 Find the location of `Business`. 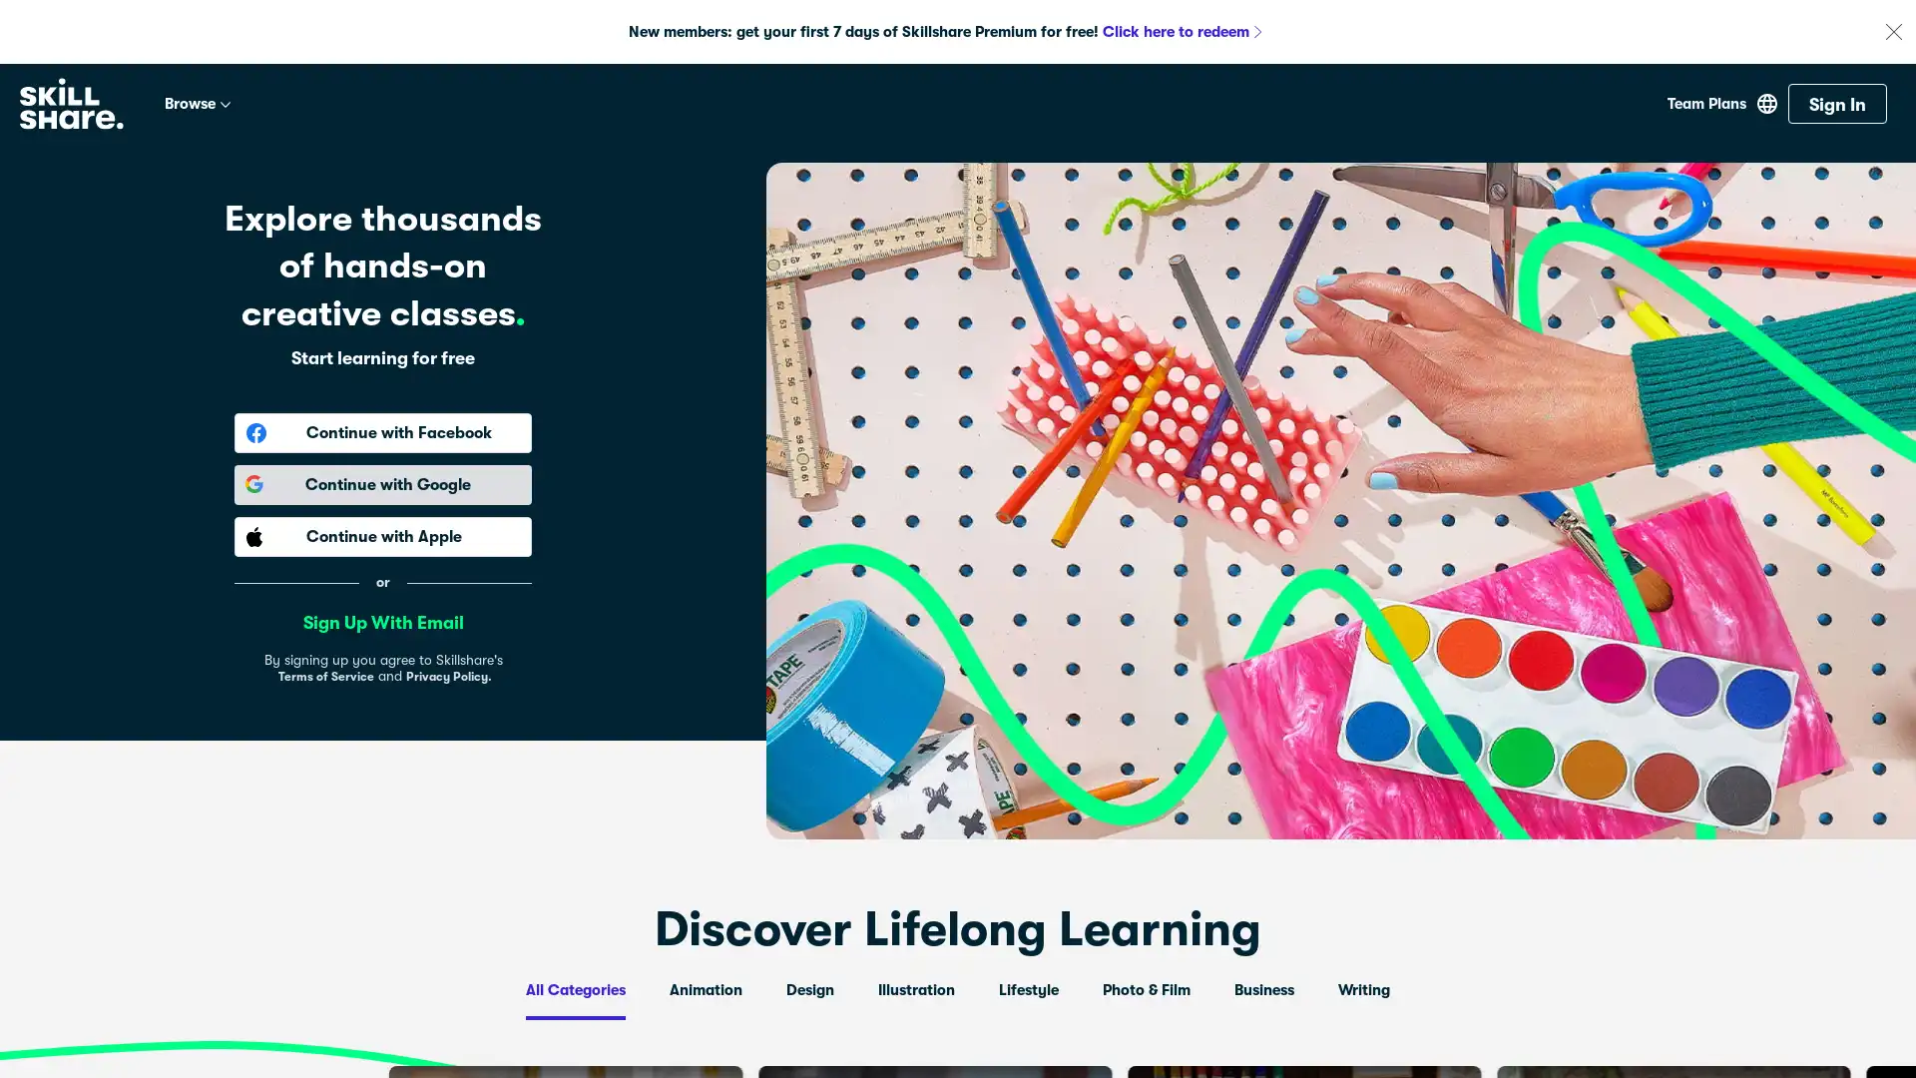

Business is located at coordinates (1263, 996).